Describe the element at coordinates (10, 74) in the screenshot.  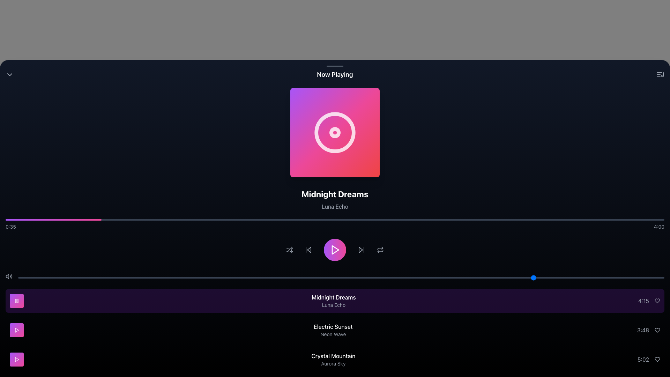
I see `the Chevron icon located on the far-left side of the header section` at that location.